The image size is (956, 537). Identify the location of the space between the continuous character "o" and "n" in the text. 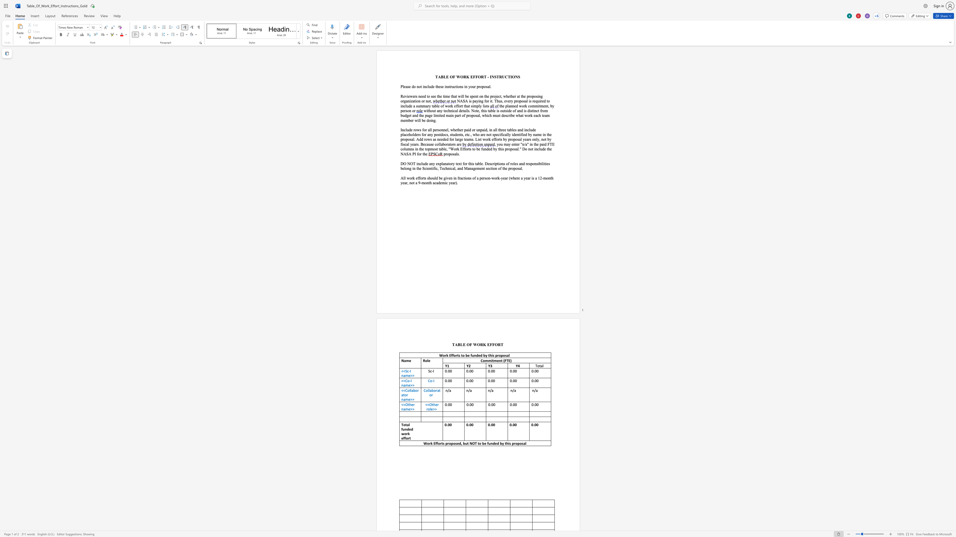
(459, 86).